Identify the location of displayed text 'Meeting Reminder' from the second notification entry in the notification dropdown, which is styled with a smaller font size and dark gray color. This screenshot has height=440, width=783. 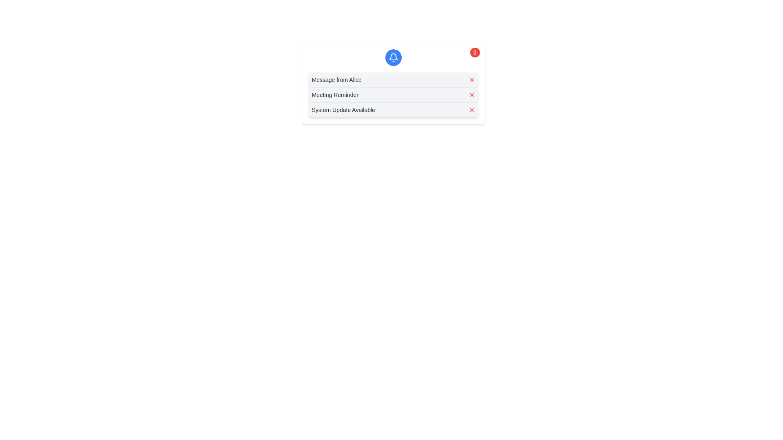
(335, 94).